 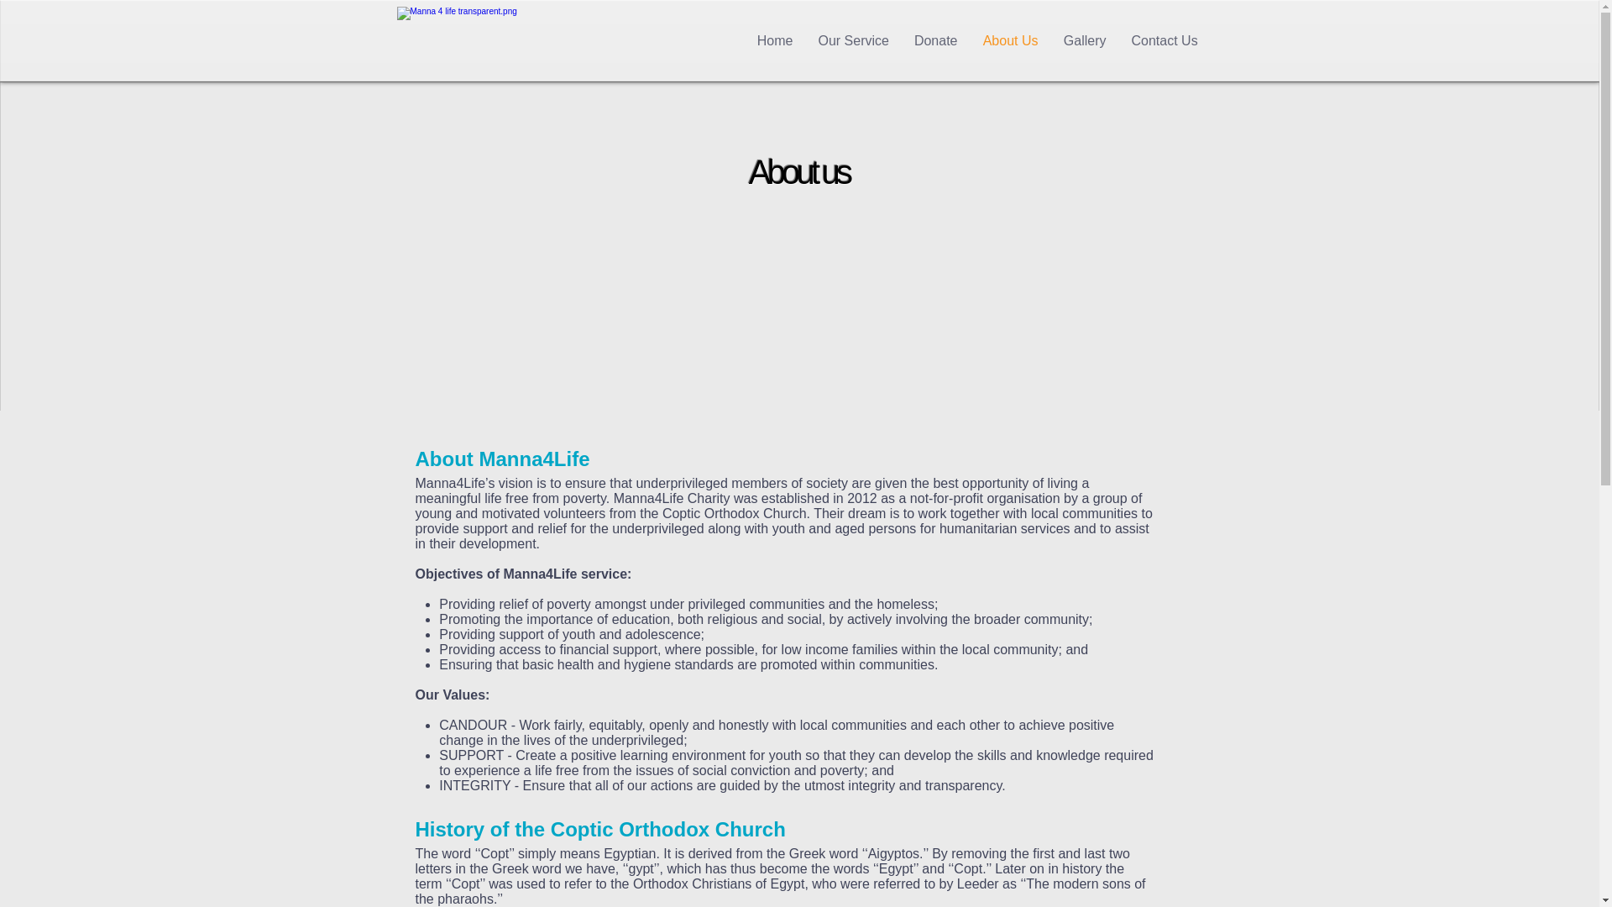 I want to click on 'Contact Us', so click(x=1163, y=40).